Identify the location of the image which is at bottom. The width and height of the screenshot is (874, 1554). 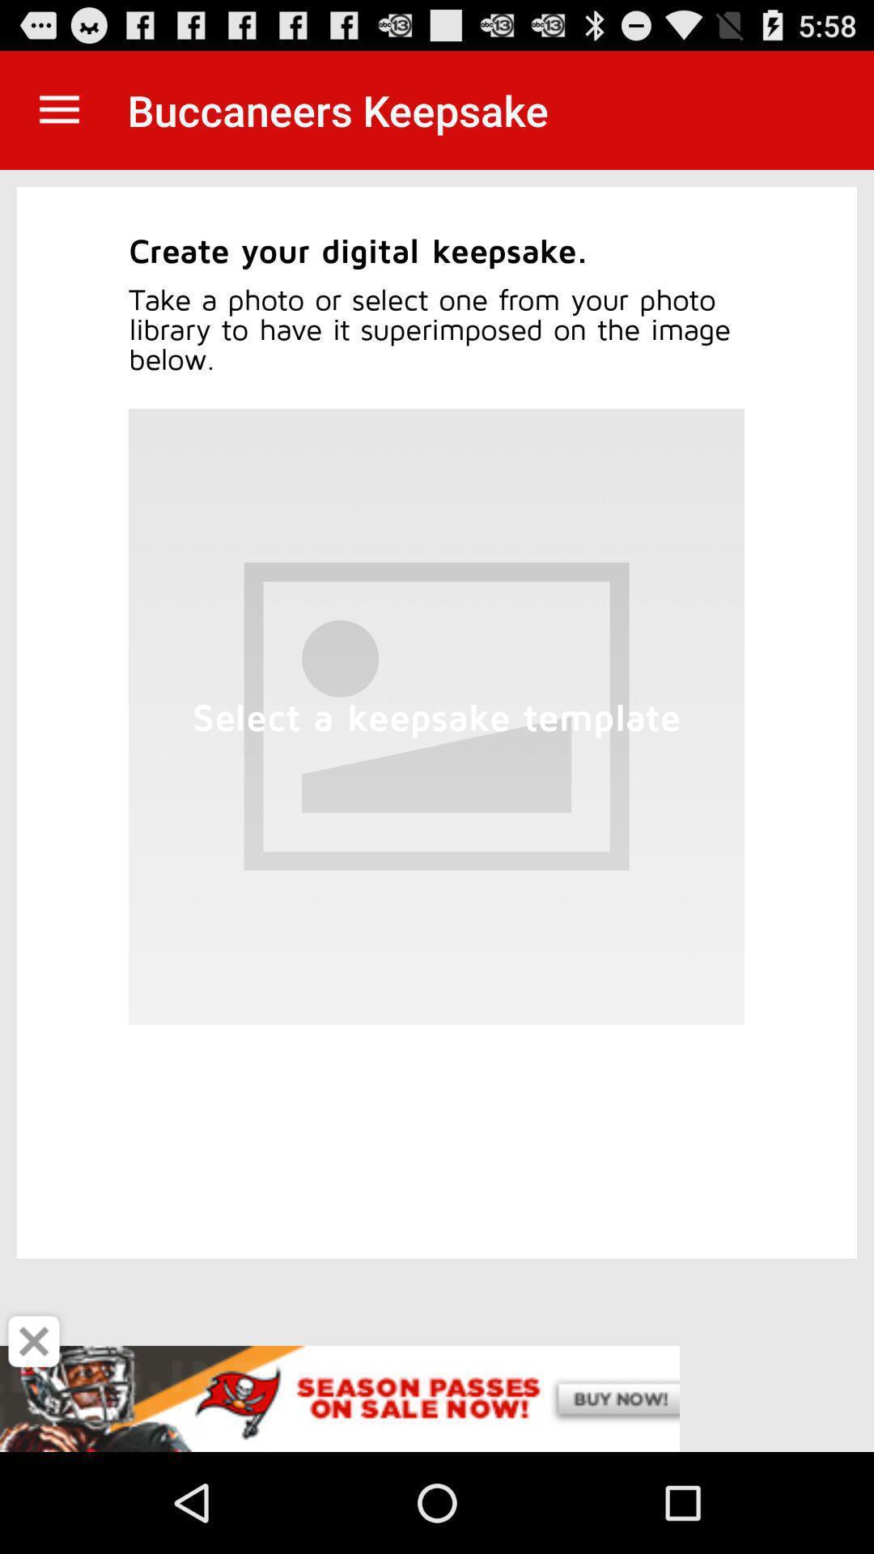
(435, 715).